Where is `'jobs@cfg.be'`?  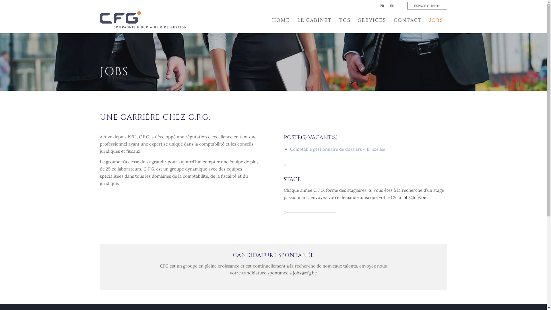
'jobs@cfg.be' is located at coordinates (414, 197).